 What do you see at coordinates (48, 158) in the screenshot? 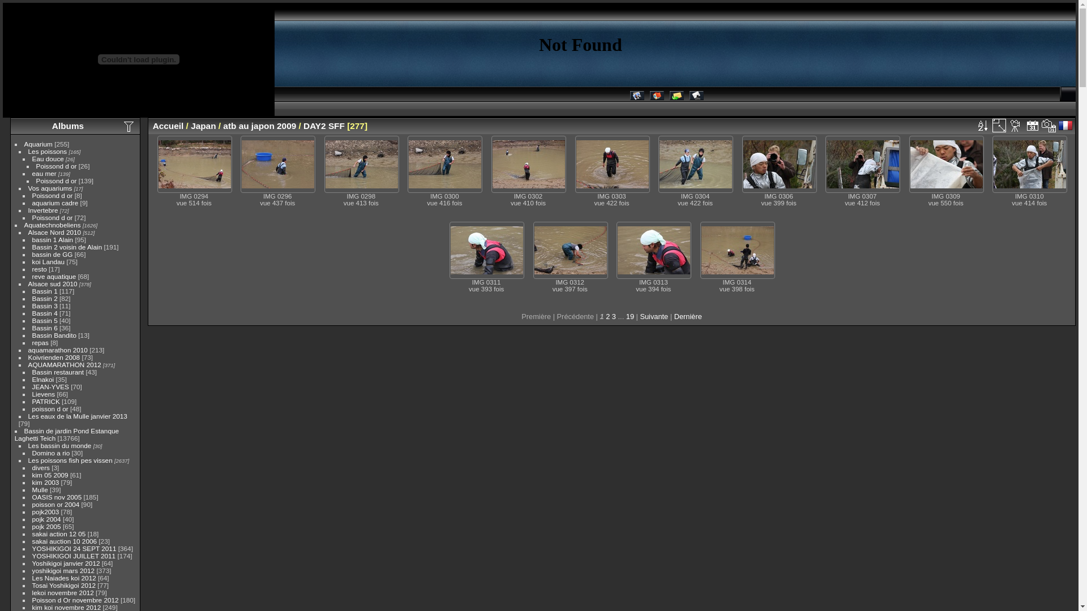
I see `'Eau douce'` at bounding box center [48, 158].